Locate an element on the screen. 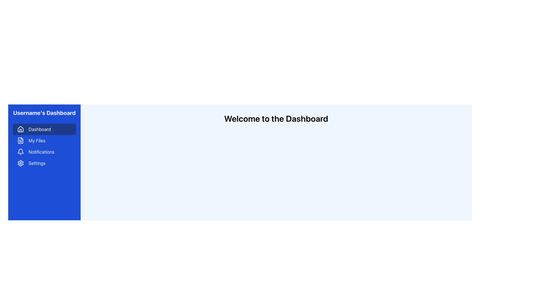 This screenshot has width=543, height=305. the navigation button located in the blue sidebar, which is the fourth item in the vertical list of options, directly below the 'Notifications' menu item, to observe the hover effect is located at coordinates (44, 163).